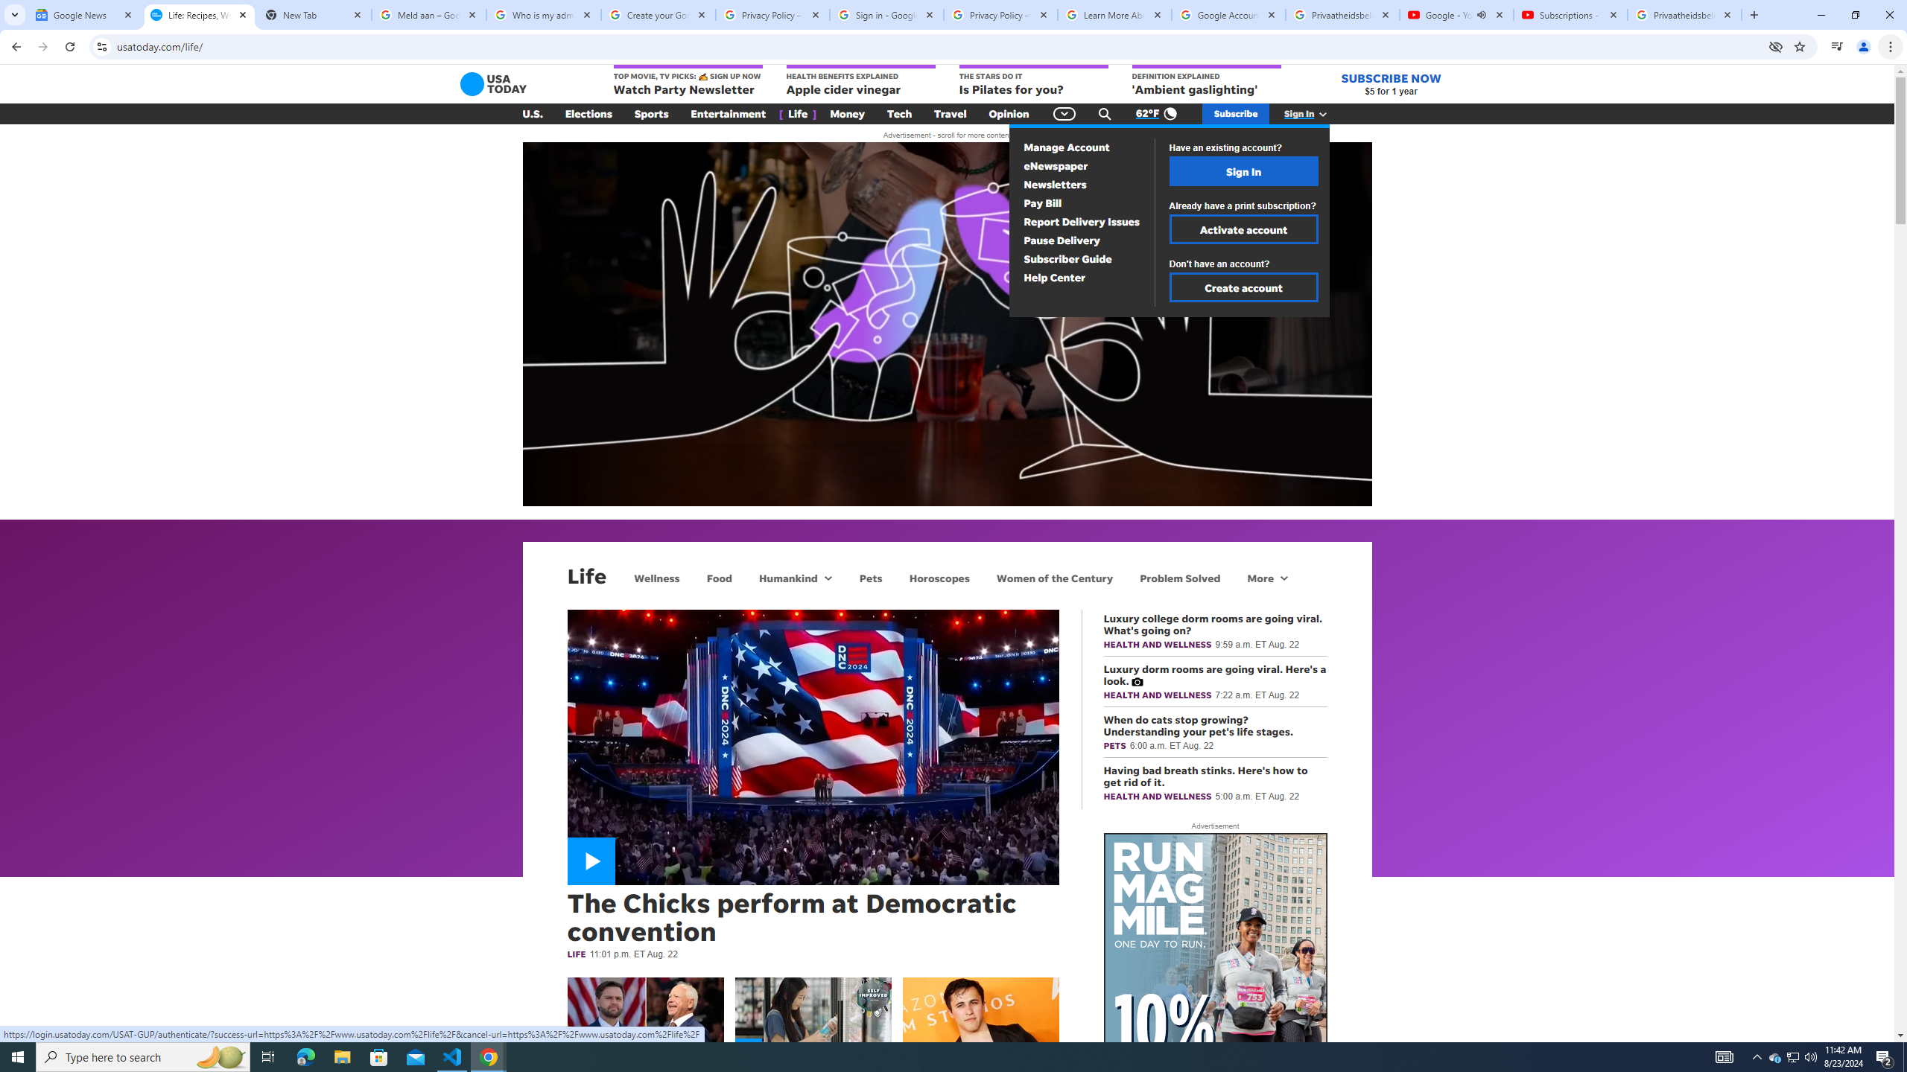 This screenshot has height=1072, width=1907. What do you see at coordinates (587, 114) in the screenshot?
I see `'Elections'` at bounding box center [587, 114].